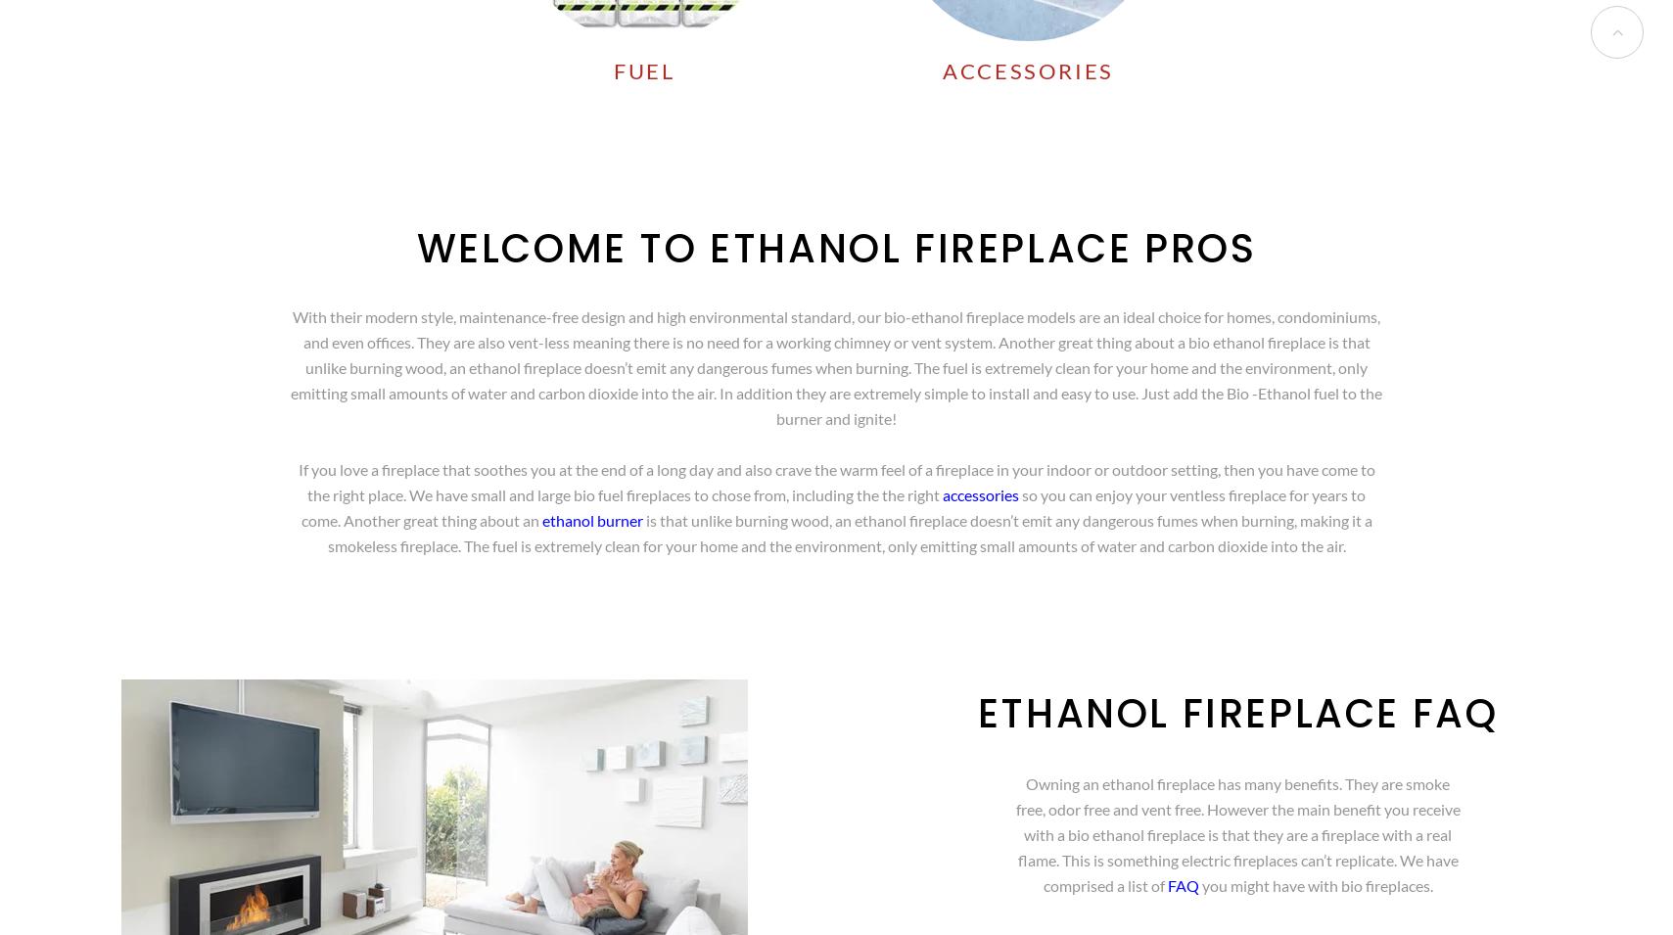  What do you see at coordinates (832, 507) in the screenshot?
I see `'so you can enjoy your ventless fireplace for years to come. Another great thing about an'` at bounding box center [832, 507].